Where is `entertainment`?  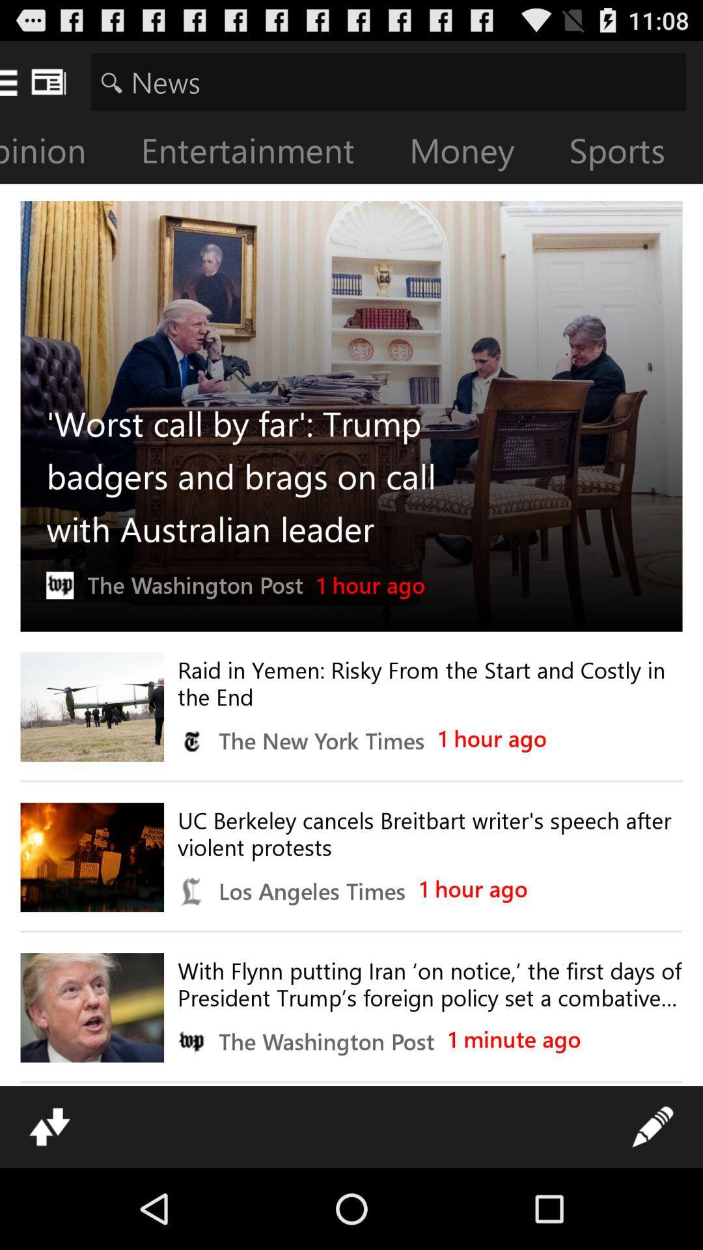 entertainment is located at coordinates (258, 153).